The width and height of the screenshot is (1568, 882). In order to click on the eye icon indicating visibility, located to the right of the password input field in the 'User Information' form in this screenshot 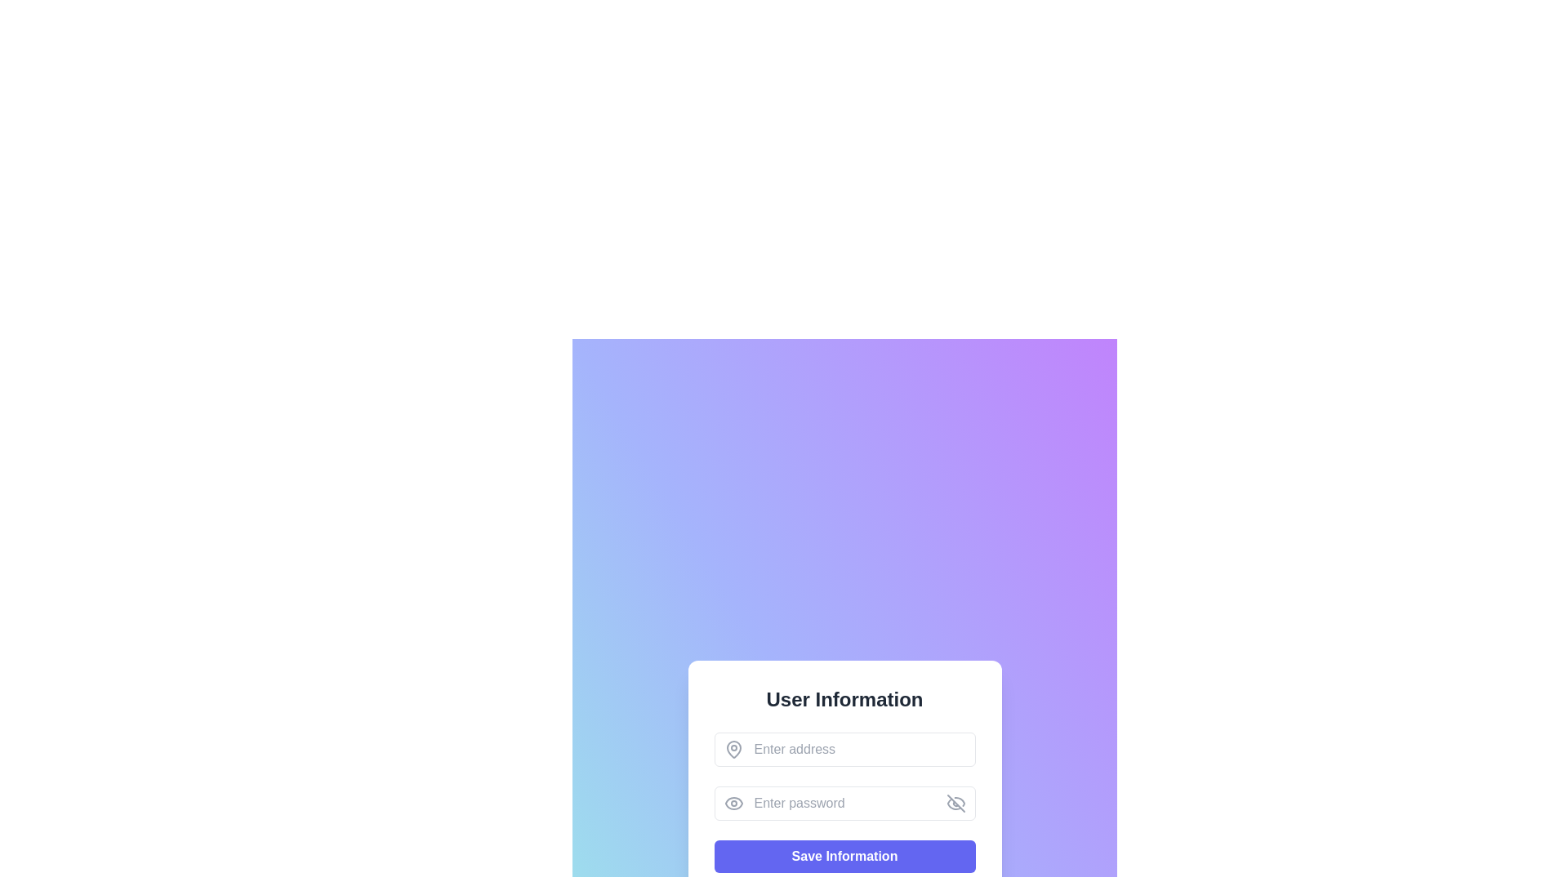, I will do `click(733, 802)`.